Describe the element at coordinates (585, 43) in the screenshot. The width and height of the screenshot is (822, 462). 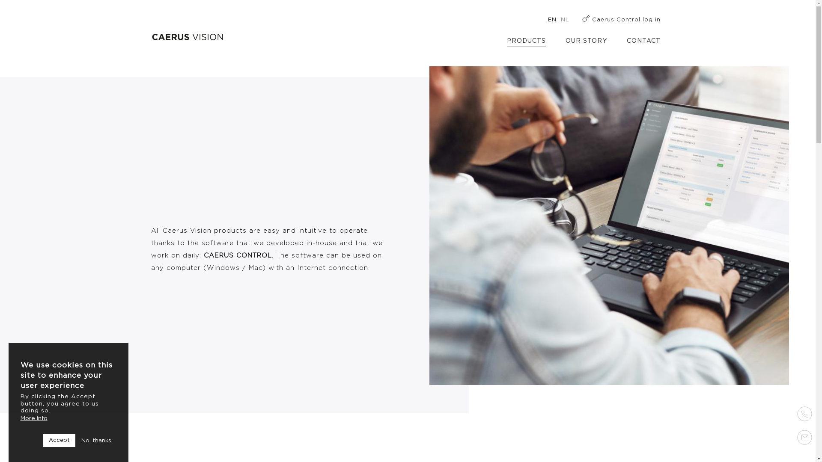
I see `'OUR STORY'` at that location.